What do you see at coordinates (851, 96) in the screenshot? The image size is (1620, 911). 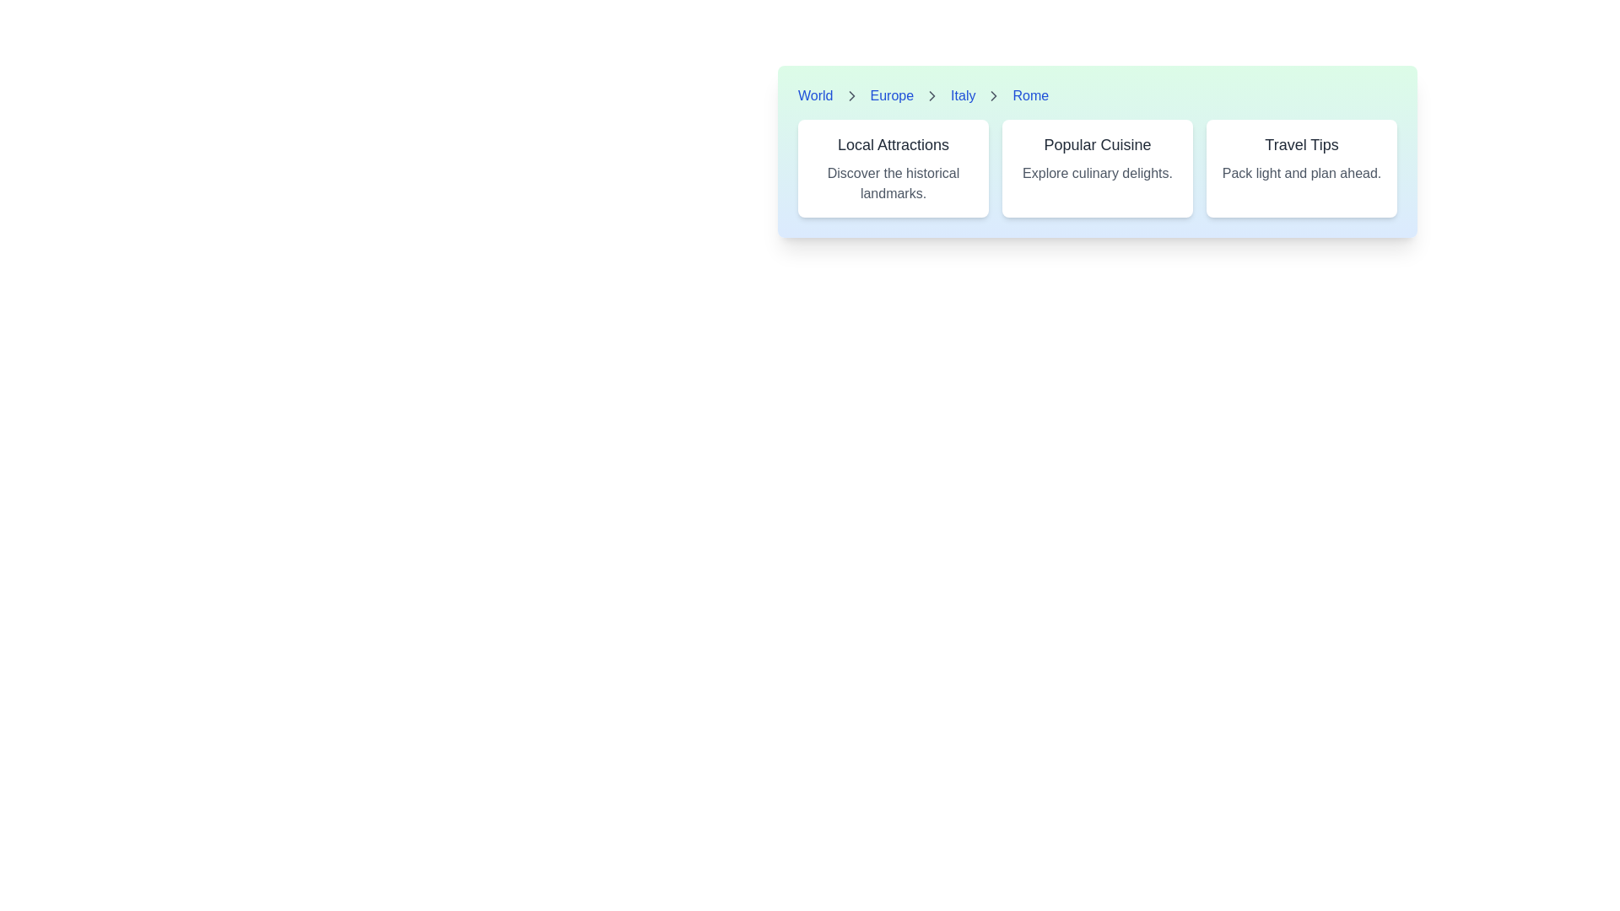 I see `the chevron arrow icon next to the breadcrumb item labeled 'Italy', which indicates hierarchical navigation` at bounding box center [851, 96].